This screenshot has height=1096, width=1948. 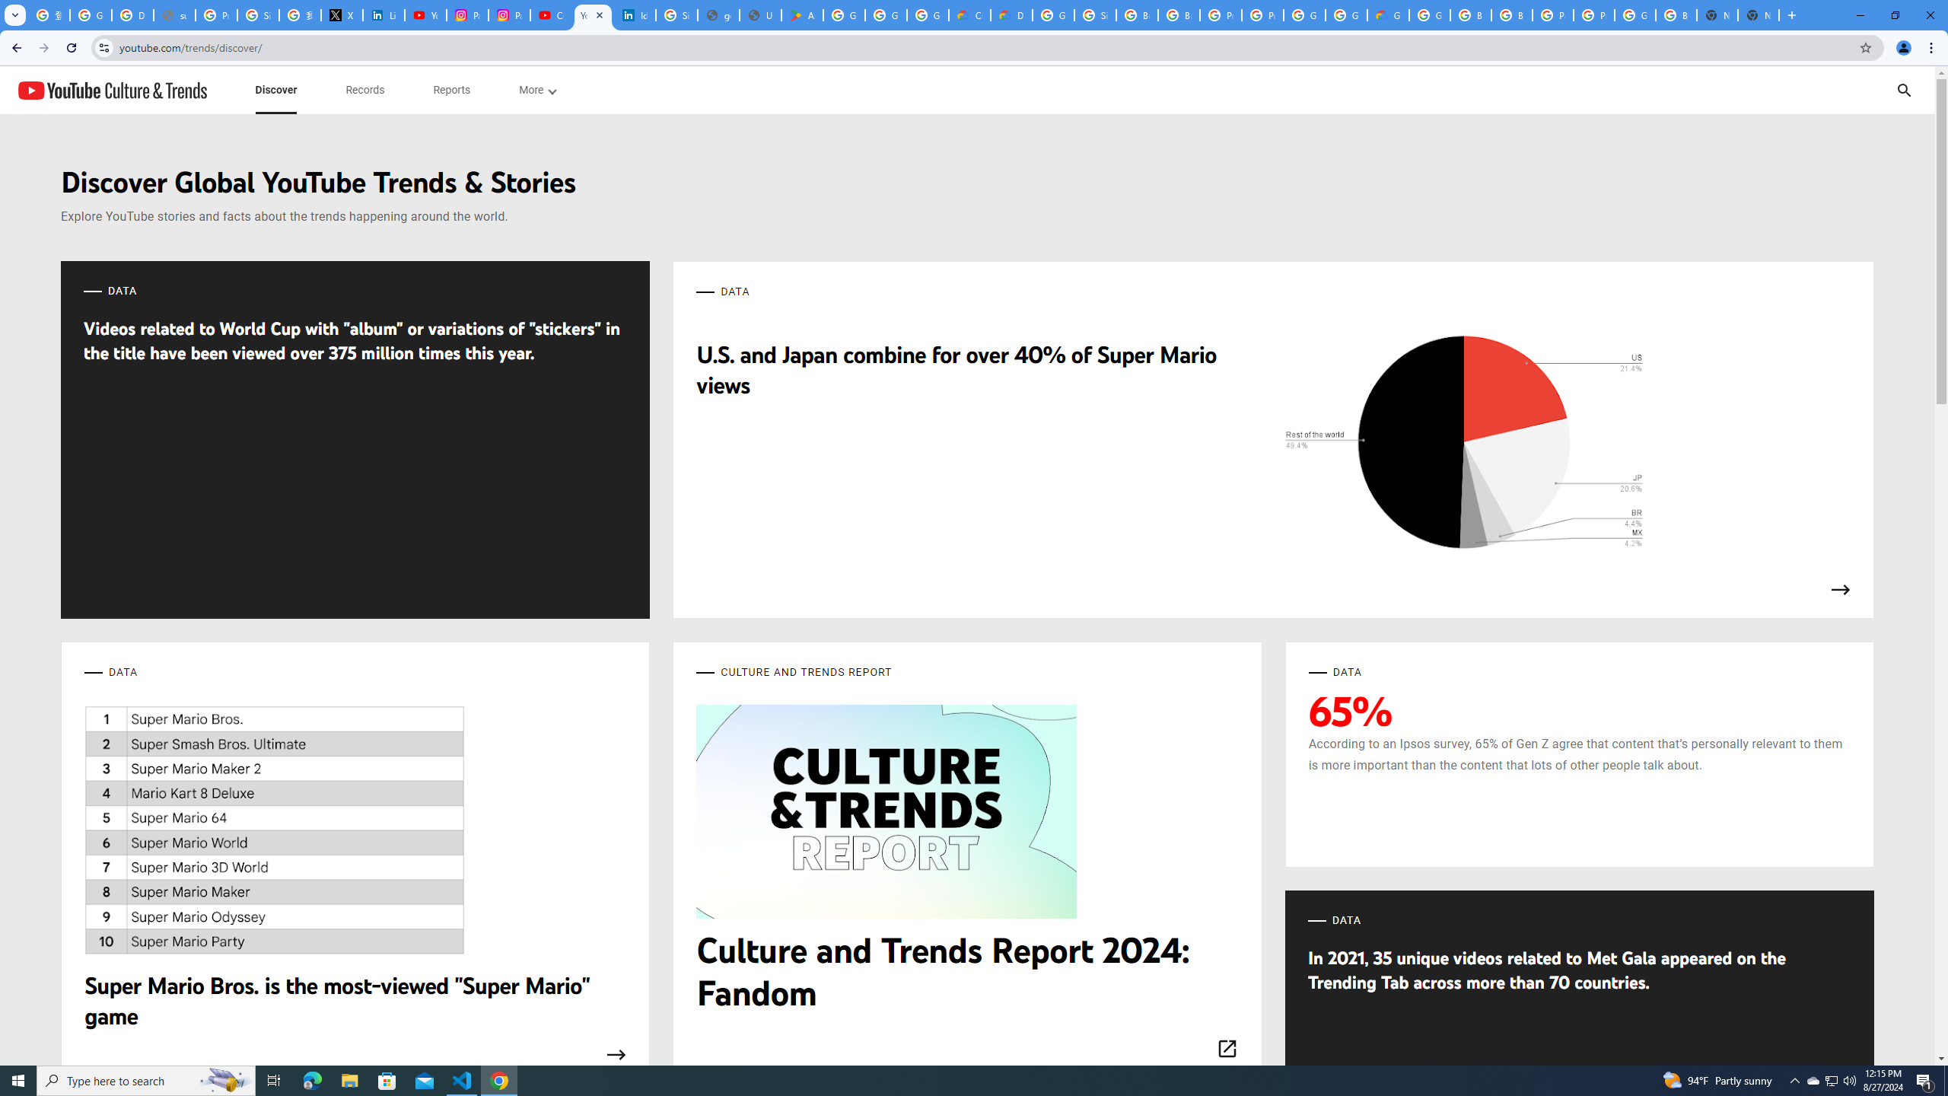 I want to click on 'subnav-Reports menupopup', so click(x=450, y=90).